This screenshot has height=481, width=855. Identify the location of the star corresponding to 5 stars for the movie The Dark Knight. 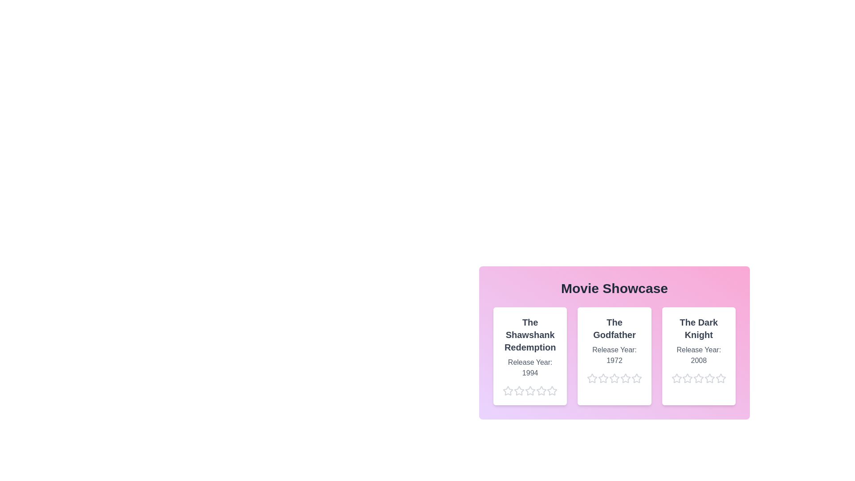
(716, 378).